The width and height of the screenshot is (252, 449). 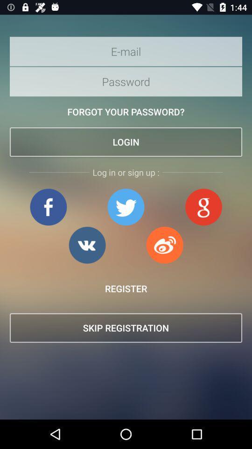 What do you see at coordinates (126, 328) in the screenshot?
I see `the skip registration button` at bounding box center [126, 328].